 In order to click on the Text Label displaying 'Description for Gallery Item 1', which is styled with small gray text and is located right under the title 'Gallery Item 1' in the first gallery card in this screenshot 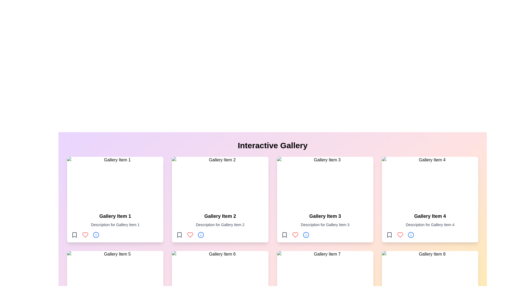, I will do `click(115, 225)`.